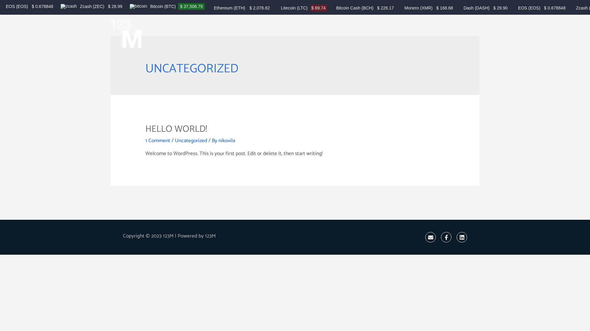 This screenshot has height=331, width=590. I want to click on '1 Comment', so click(158, 141).